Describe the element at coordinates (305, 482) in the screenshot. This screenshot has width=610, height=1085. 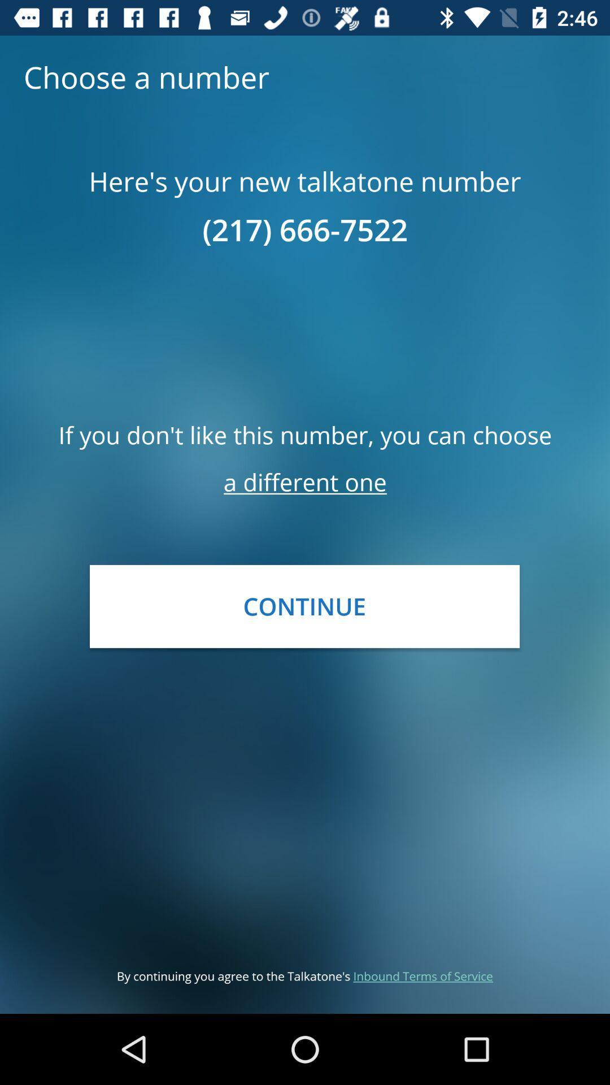
I see `the a different one item` at that location.